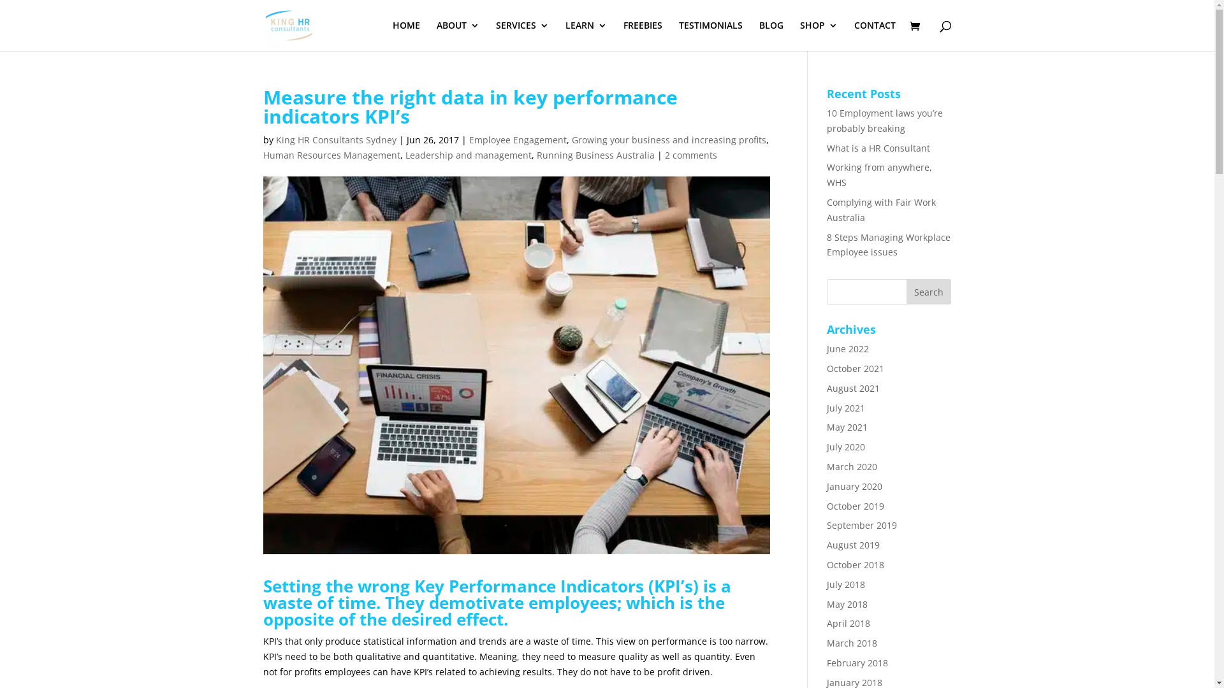  I want to click on 'July 2021', so click(845, 408).